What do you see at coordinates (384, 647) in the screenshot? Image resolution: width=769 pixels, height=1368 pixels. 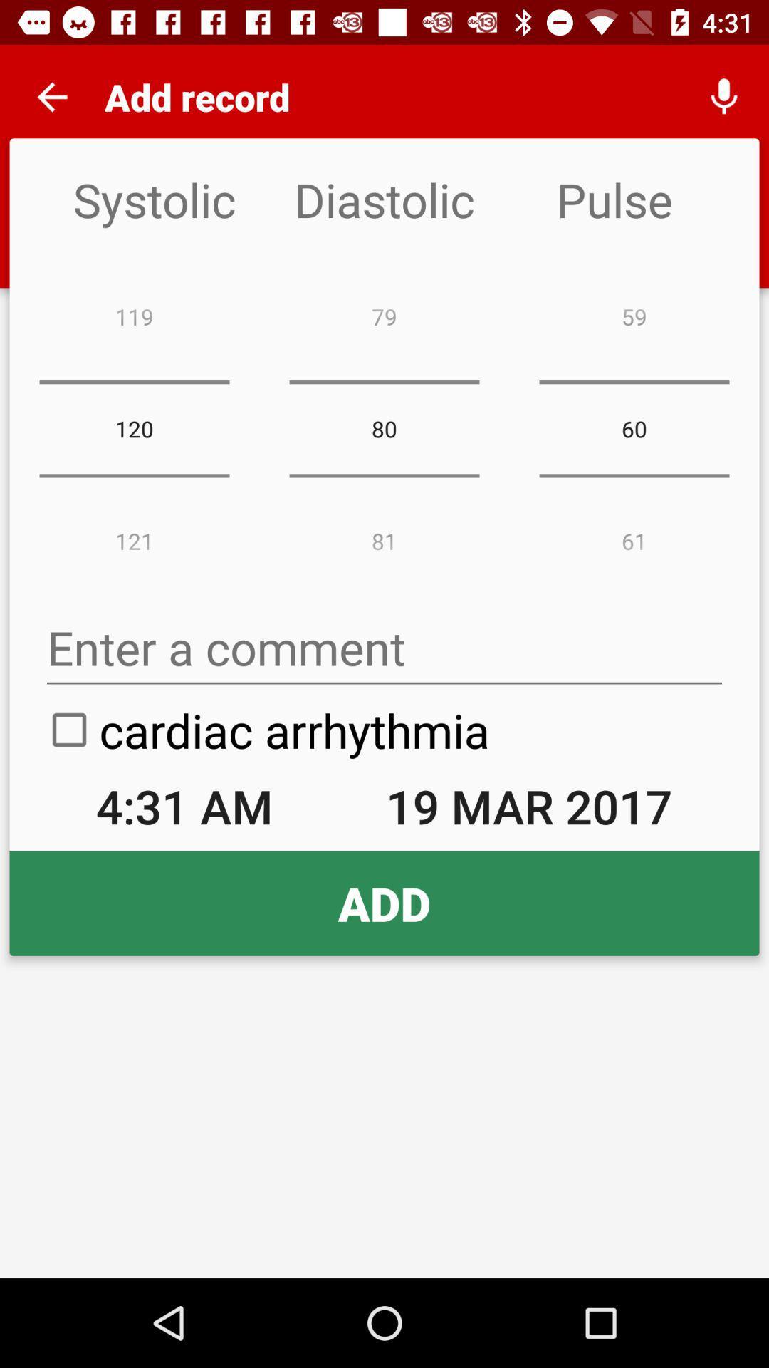 I see `type comment` at bounding box center [384, 647].